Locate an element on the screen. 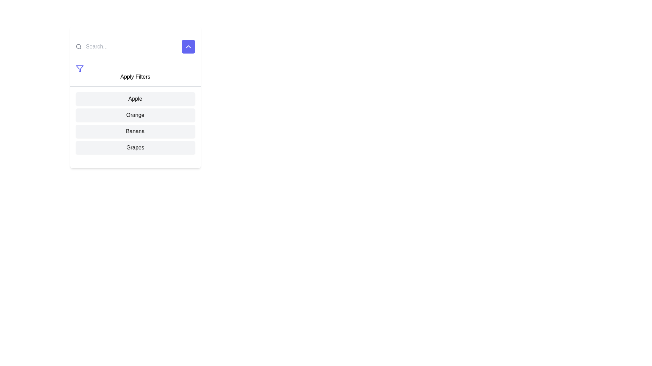 The height and width of the screenshot is (366, 652). the 'Orange' option in the list is located at coordinates (135, 115).